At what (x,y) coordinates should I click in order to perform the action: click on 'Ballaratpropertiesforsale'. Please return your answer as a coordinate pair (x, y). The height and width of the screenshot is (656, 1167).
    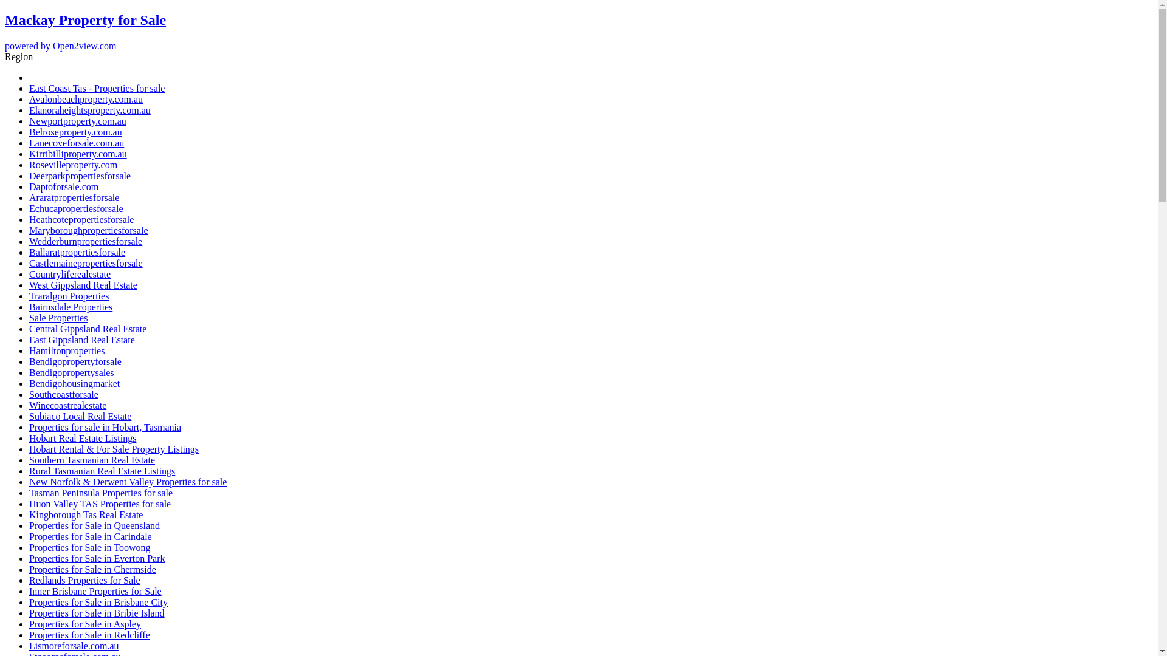
    Looking at the image, I should click on (76, 251).